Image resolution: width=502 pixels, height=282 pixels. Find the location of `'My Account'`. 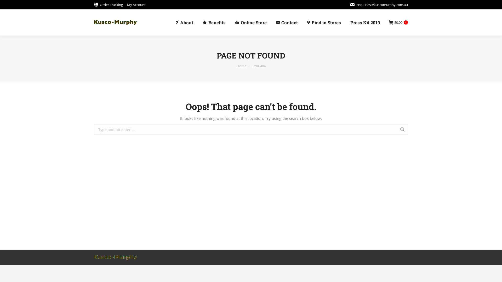

'My Account' is located at coordinates (136, 4).